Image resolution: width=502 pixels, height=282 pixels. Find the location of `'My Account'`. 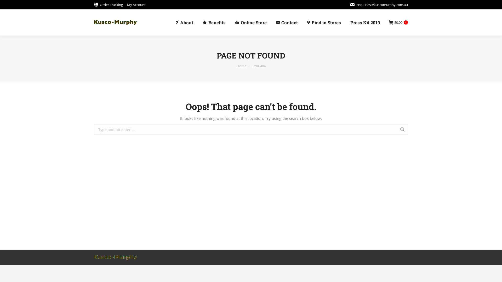

'My Account' is located at coordinates (136, 4).